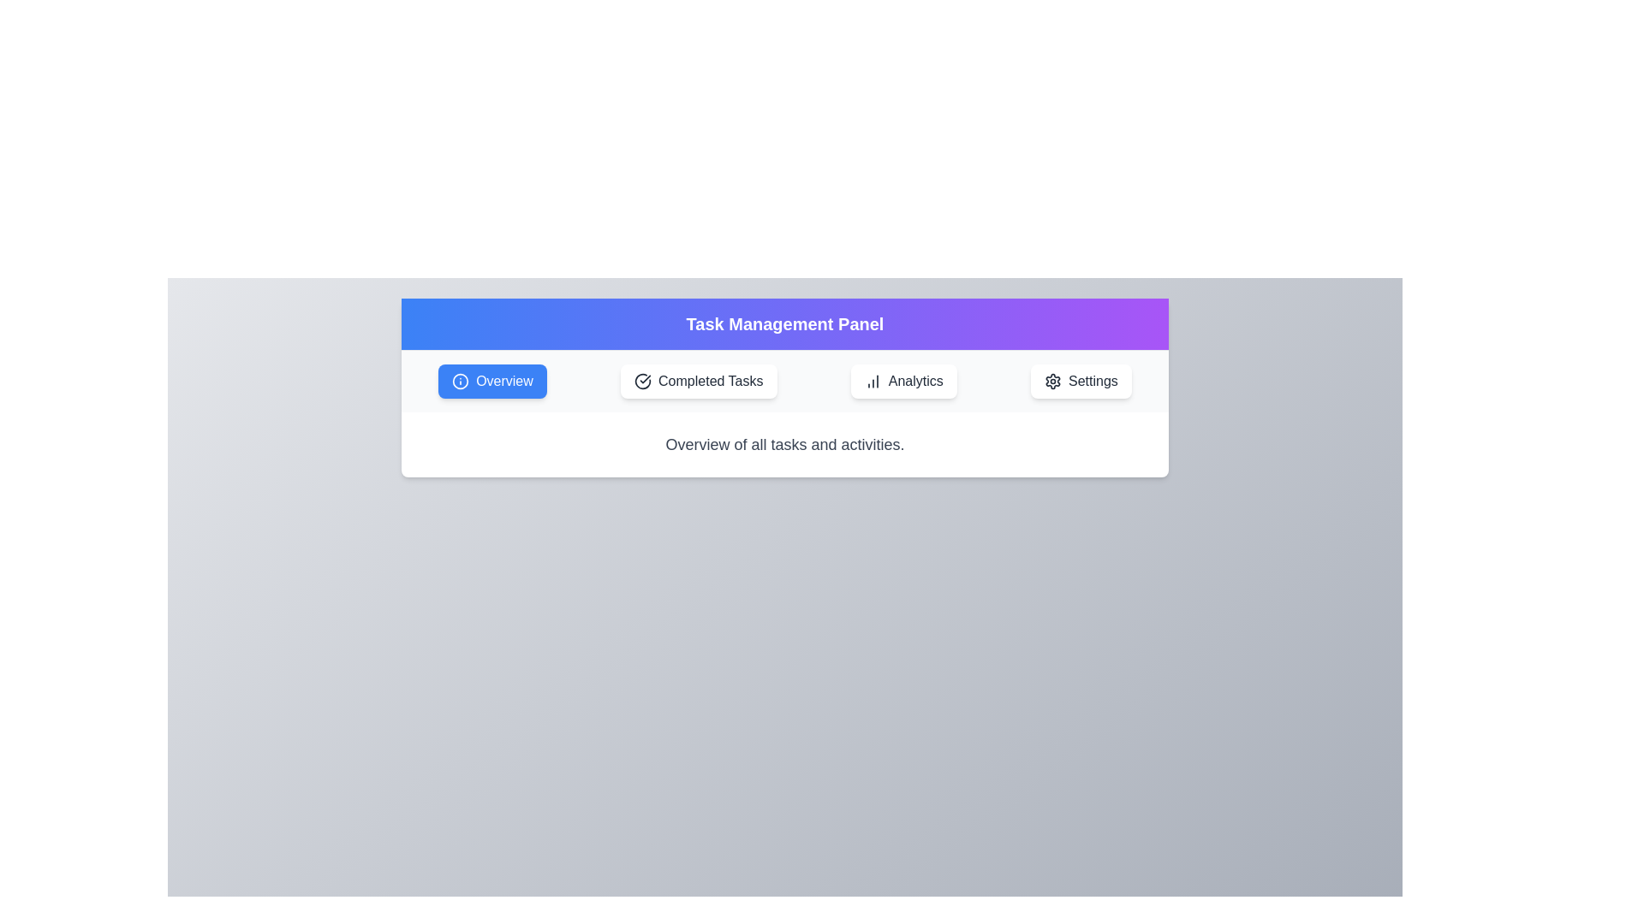 This screenshot has width=1644, height=924. Describe the element at coordinates (783, 444) in the screenshot. I see `the descriptive text element that provides an overview of tasks, positioned below the navigation panel buttons and horizontally centered` at that location.